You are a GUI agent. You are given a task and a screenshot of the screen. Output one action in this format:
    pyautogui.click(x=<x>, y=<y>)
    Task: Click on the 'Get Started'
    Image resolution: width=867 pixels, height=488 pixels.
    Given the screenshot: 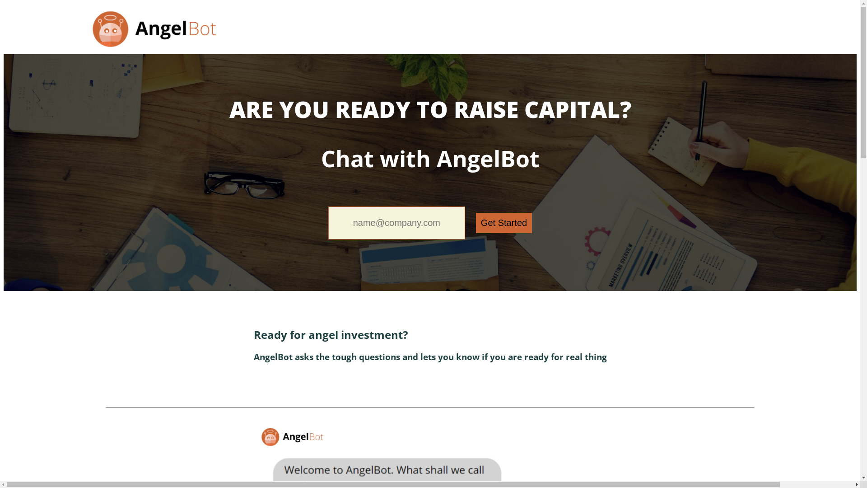 What is the action you would take?
    pyautogui.click(x=503, y=223)
    